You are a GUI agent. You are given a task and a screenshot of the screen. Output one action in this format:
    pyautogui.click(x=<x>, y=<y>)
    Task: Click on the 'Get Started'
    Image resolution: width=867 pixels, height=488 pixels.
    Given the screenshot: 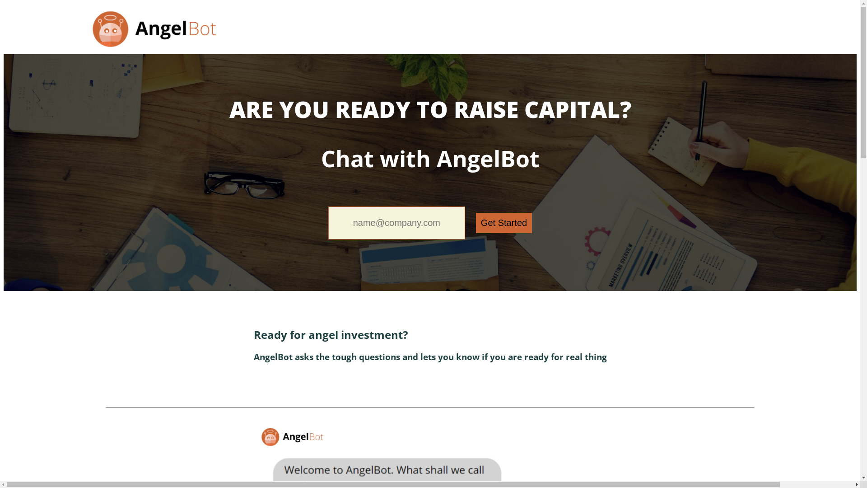 What is the action you would take?
    pyautogui.click(x=503, y=223)
    